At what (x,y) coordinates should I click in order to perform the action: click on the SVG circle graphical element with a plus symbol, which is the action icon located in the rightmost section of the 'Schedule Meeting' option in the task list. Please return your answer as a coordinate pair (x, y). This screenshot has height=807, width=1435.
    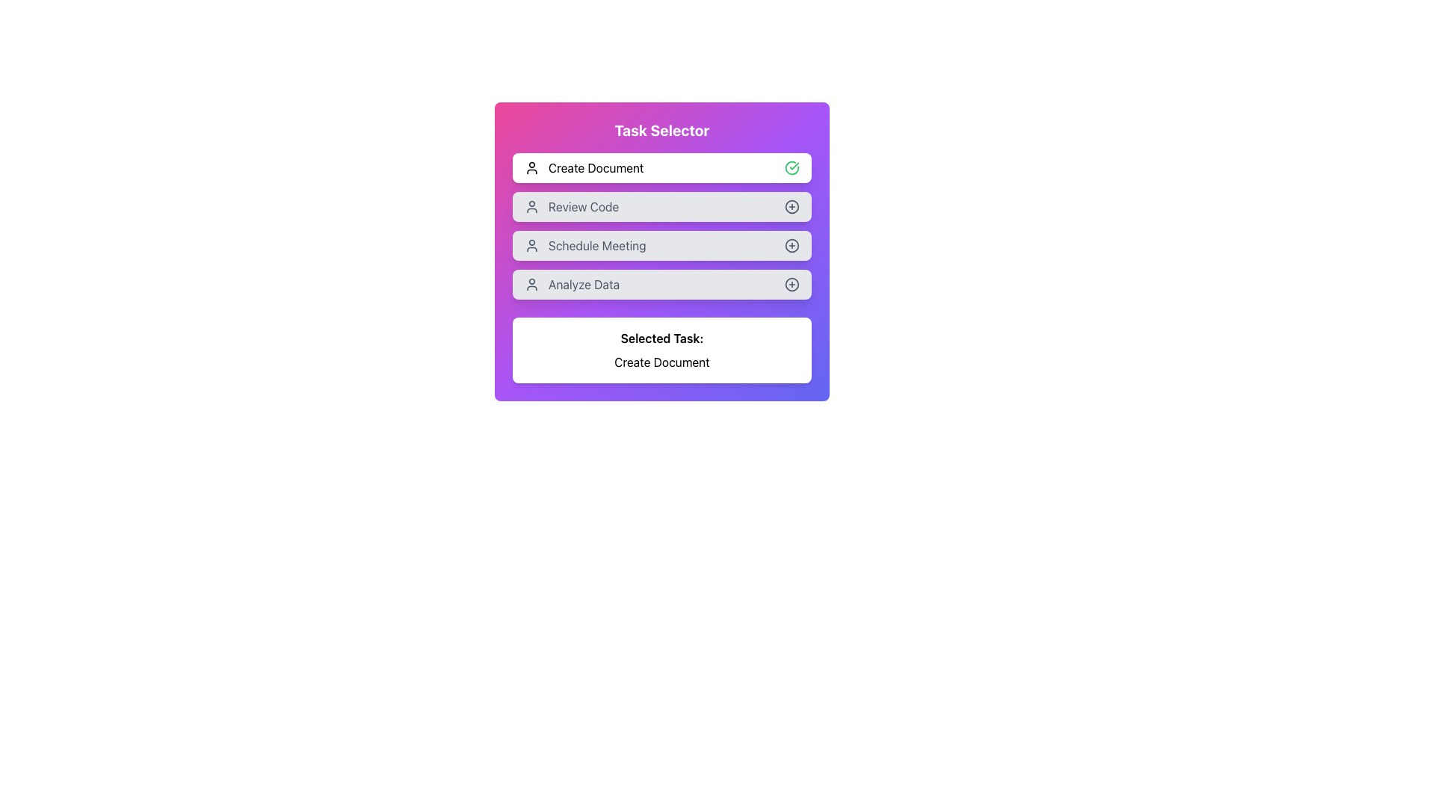
    Looking at the image, I should click on (791, 244).